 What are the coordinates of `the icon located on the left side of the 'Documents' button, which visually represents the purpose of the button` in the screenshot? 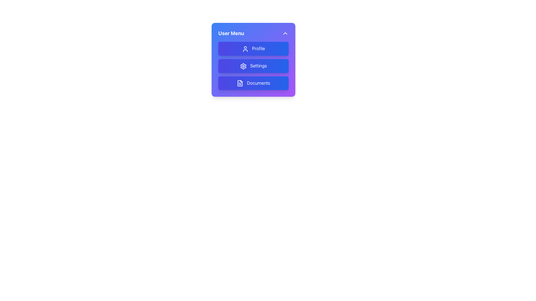 It's located at (240, 83).